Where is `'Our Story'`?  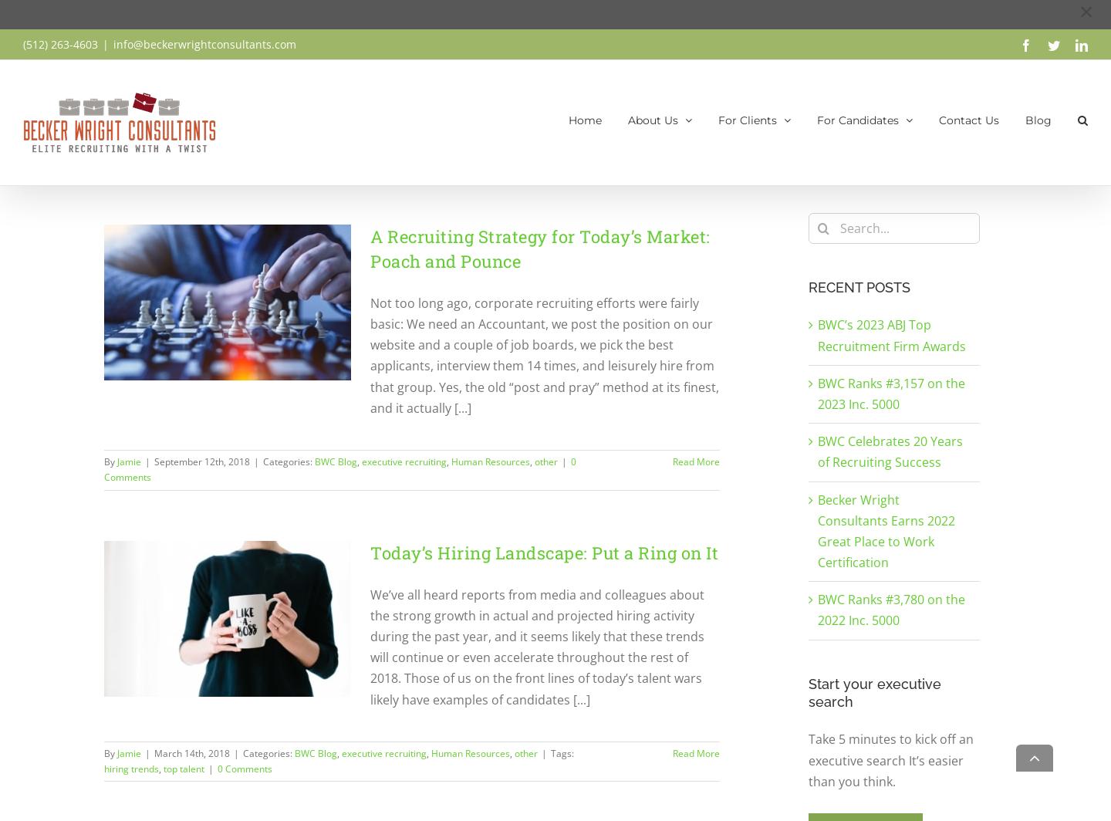
'Our Story' is located at coordinates (643, 190).